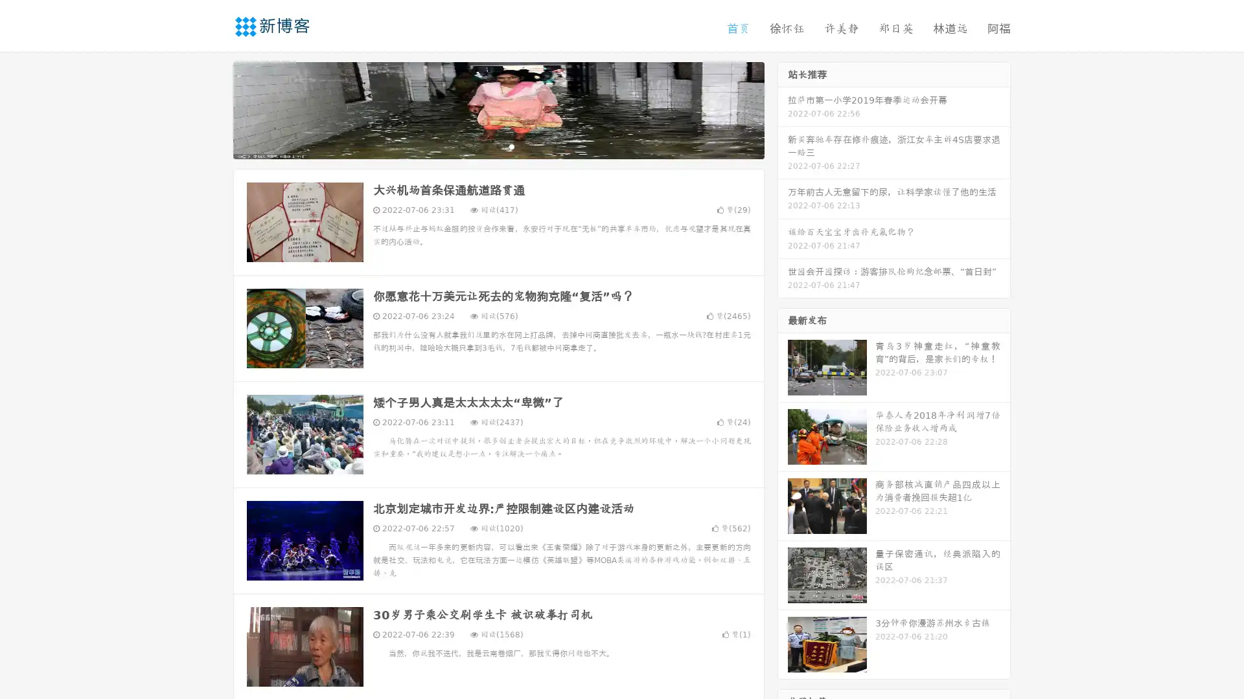 This screenshot has width=1244, height=699. What do you see at coordinates (485, 146) in the screenshot?
I see `Go to slide 1` at bounding box center [485, 146].